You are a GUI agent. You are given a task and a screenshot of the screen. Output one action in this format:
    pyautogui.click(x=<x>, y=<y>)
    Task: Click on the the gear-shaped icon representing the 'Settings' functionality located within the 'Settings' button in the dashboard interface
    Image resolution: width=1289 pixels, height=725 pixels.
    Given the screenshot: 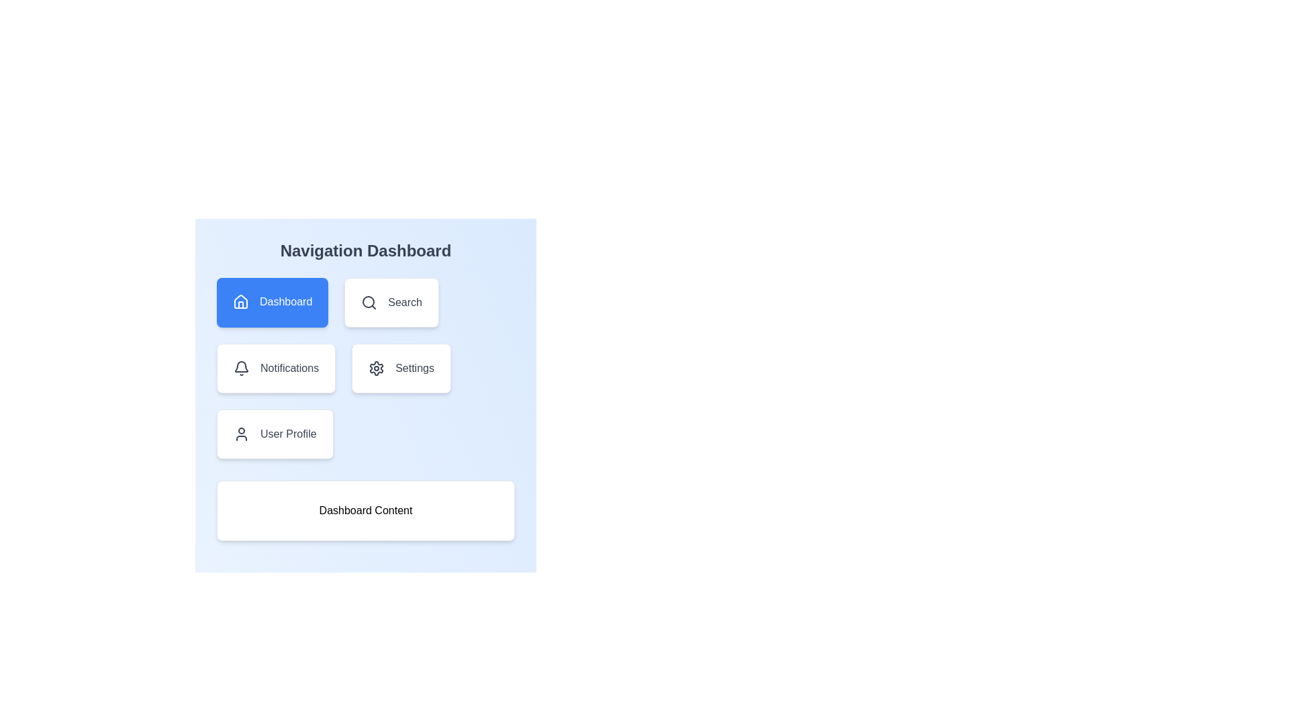 What is the action you would take?
    pyautogui.click(x=376, y=368)
    